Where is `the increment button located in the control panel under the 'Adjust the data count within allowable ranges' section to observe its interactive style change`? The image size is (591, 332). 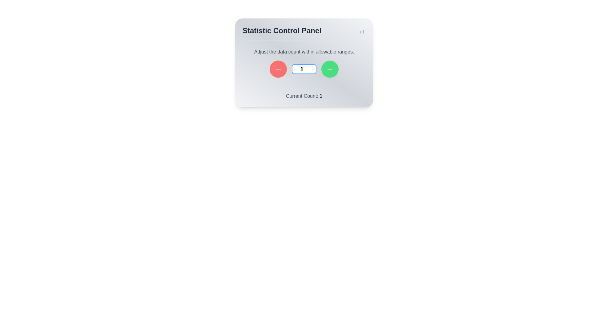
the increment button located in the control panel under the 'Adjust the data count within allowable ranges' section to observe its interactive style change is located at coordinates (329, 69).